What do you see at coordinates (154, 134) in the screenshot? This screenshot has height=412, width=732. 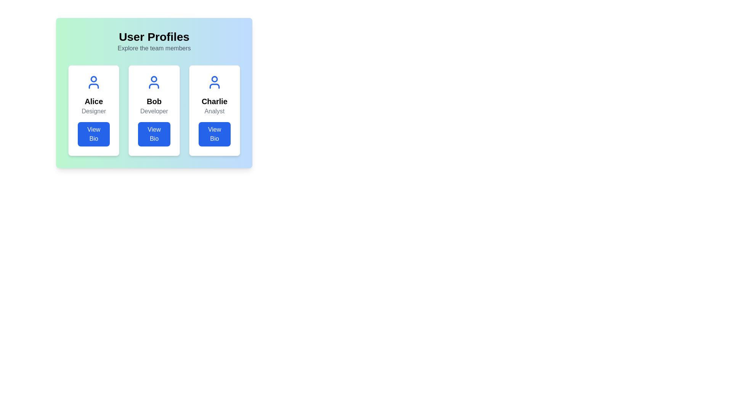 I see `the blue 'View Bio' button with rounded corners located at the bottom of Bob's card to change its appearance` at bounding box center [154, 134].